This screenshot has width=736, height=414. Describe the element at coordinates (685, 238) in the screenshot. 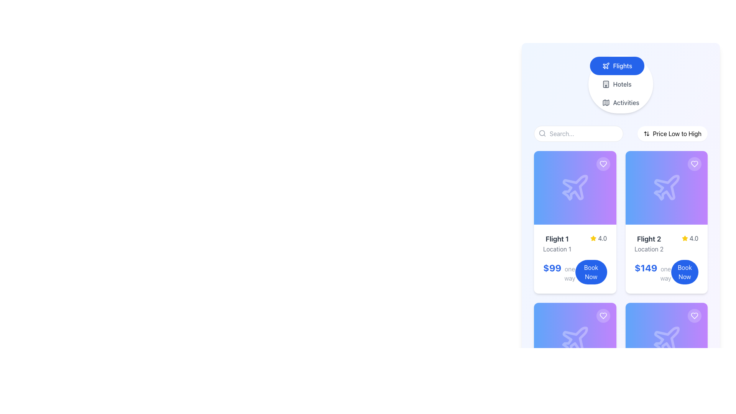

I see `the yellow star icon indicating ratings located to the right of the title 'Flight 2' in the second card of flight options` at that location.